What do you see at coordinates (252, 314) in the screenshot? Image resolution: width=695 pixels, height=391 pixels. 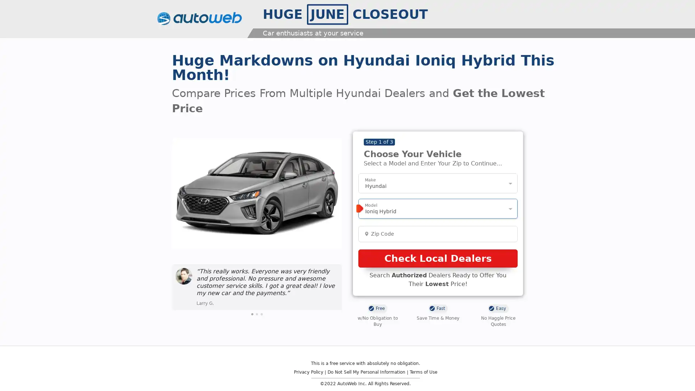 I see `Carousel Page 1 (Current Slide)` at bounding box center [252, 314].